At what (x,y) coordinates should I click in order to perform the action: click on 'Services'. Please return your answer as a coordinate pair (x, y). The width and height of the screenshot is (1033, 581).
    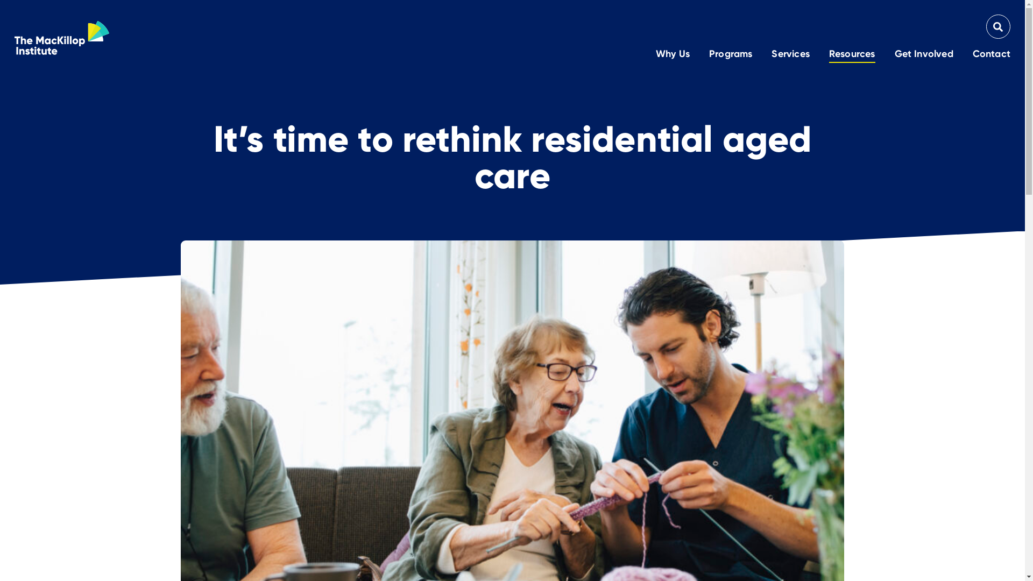
    Looking at the image, I should click on (771, 54).